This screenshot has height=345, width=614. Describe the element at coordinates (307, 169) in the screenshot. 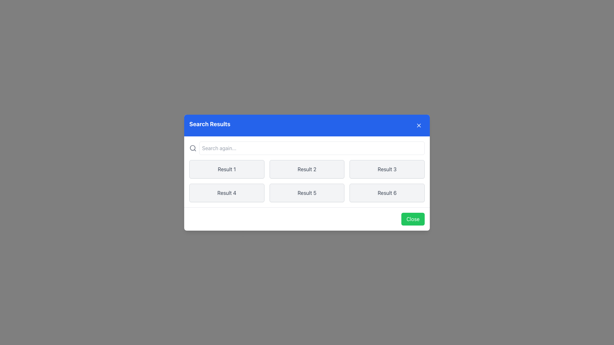

I see `the button labeled 'Result 2'` at that location.